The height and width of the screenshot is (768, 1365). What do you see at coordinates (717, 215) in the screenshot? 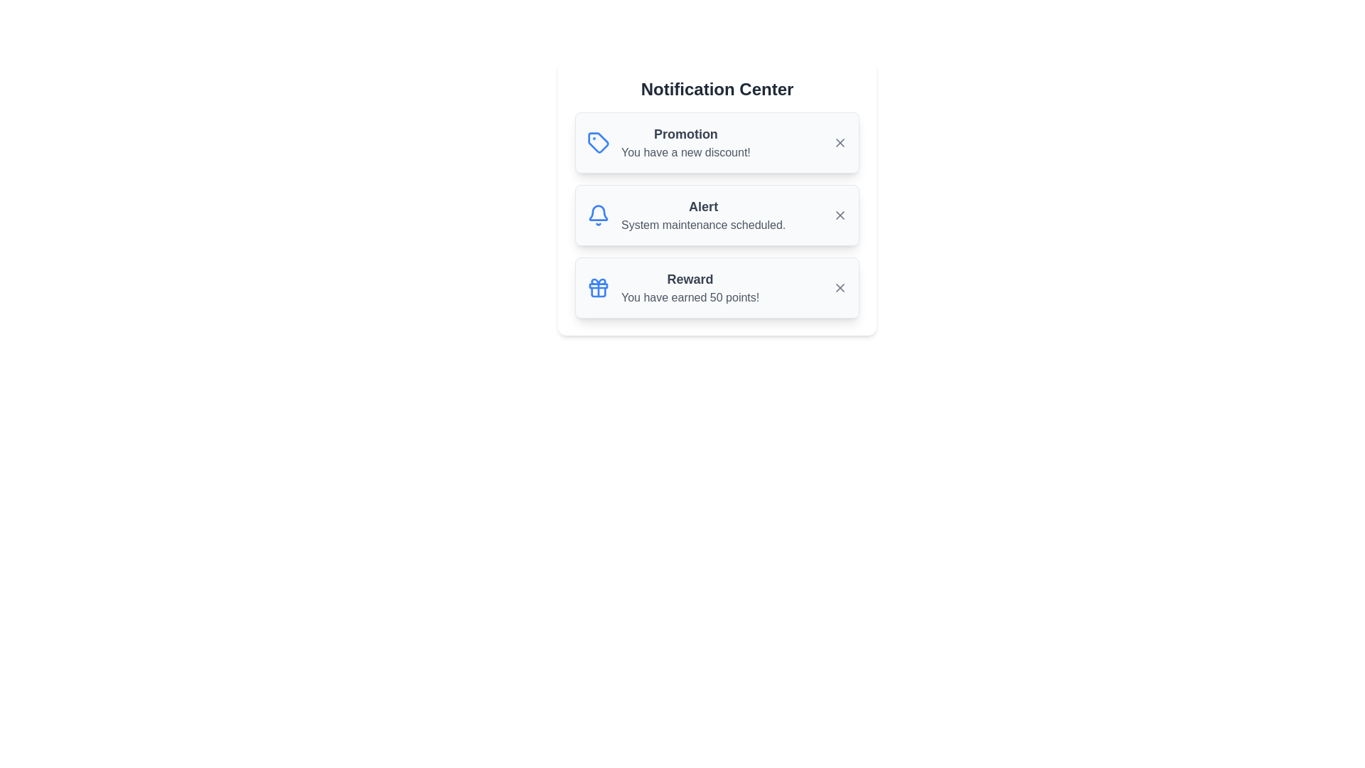
I see `notification titled 'Alert' in the notification card that contains the message 'System maintenance scheduled.'` at bounding box center [717, 215].